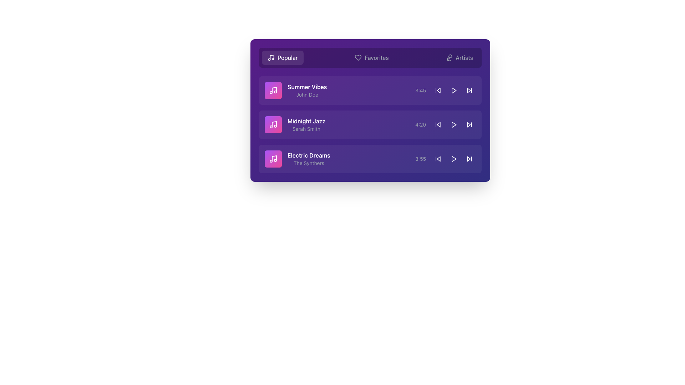 The height and width of the screenshot is (385, 685). What do you see at coordinates (358, 57) in the screenshot?
I see `the heart-shaped icon outlined without fill, located in the middle of the top navigation bar within the 'Favorites' section, positioned between 'Popular' and 'Artists'` at bounding box center [358, 57].